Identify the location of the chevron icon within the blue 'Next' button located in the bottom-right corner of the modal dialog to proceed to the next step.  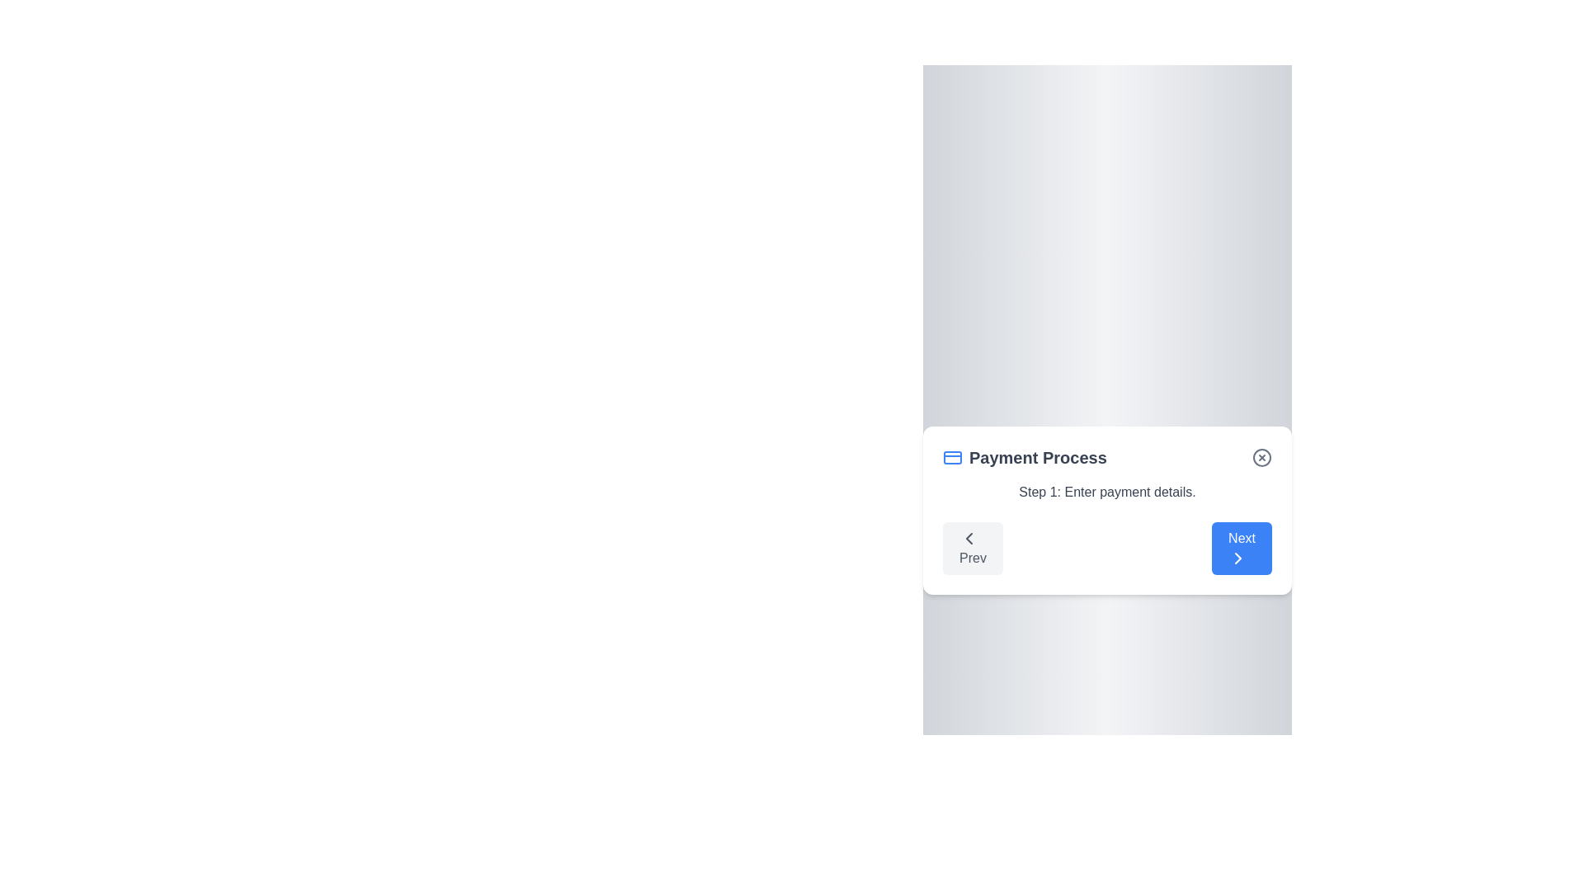
(1238, 558).